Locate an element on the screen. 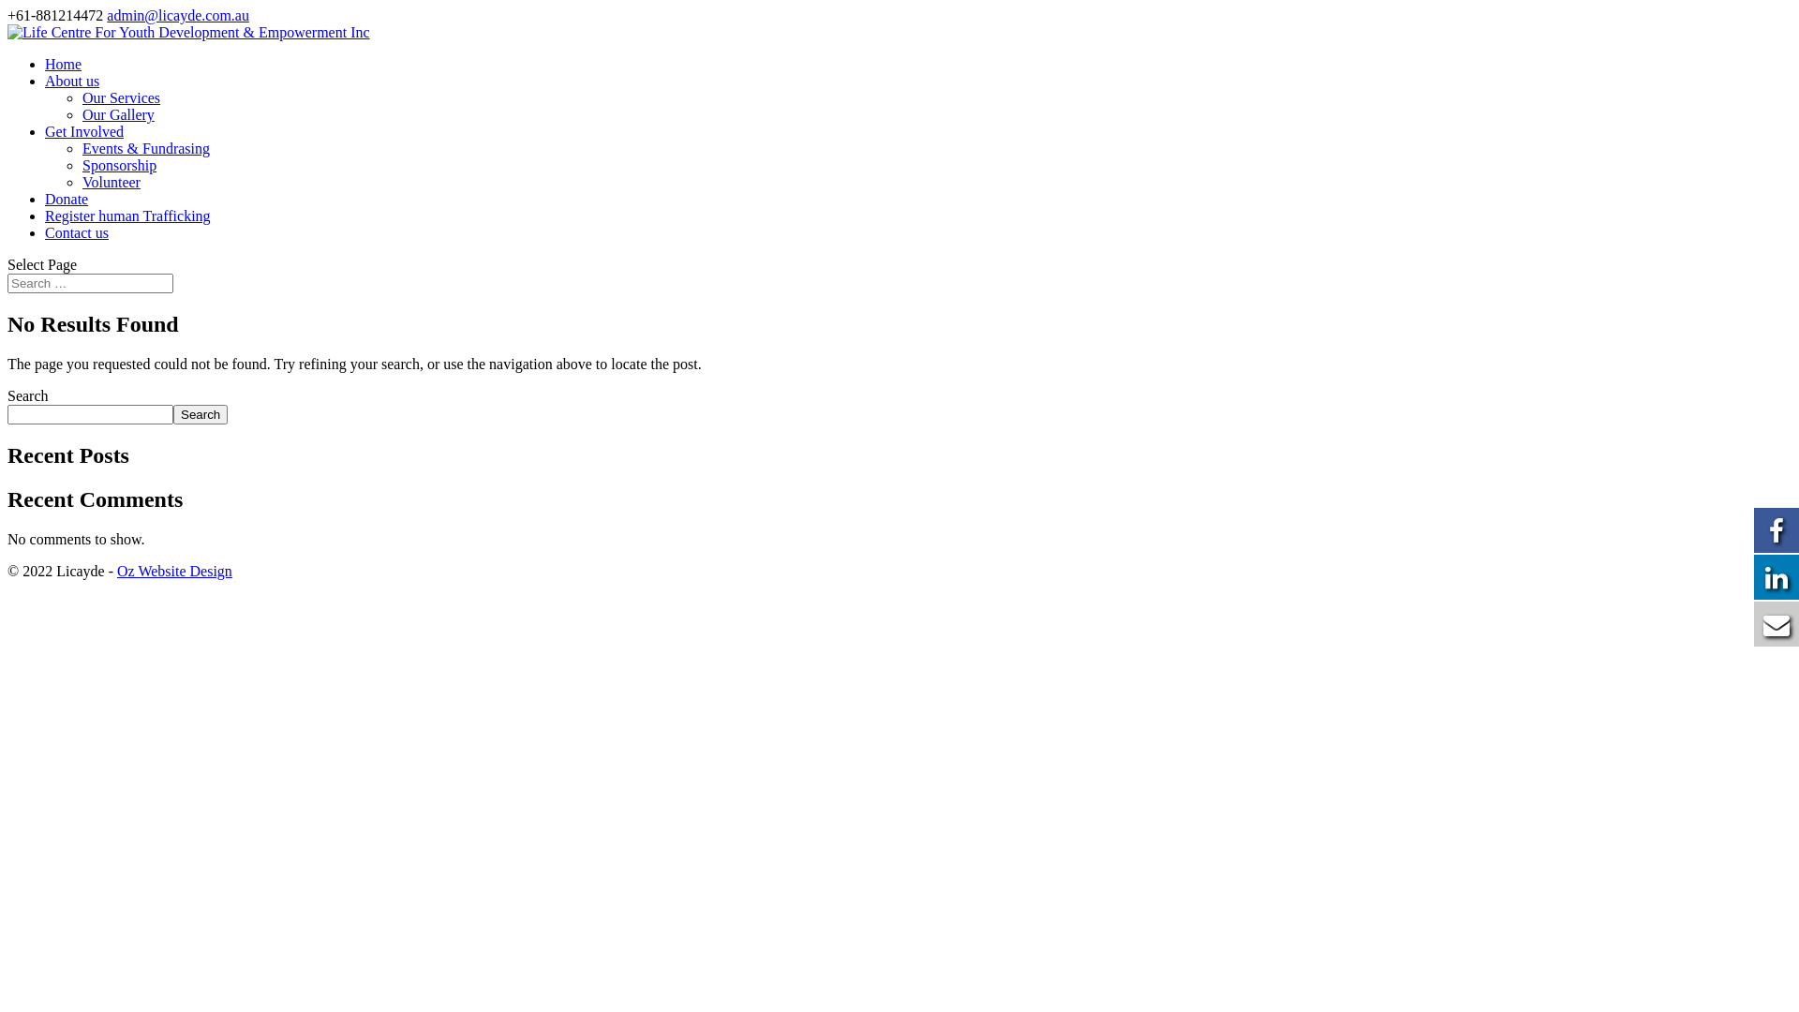 This screenshot has width=1799, height=1012. 'Our Services' is located at coordinates (120, 97).